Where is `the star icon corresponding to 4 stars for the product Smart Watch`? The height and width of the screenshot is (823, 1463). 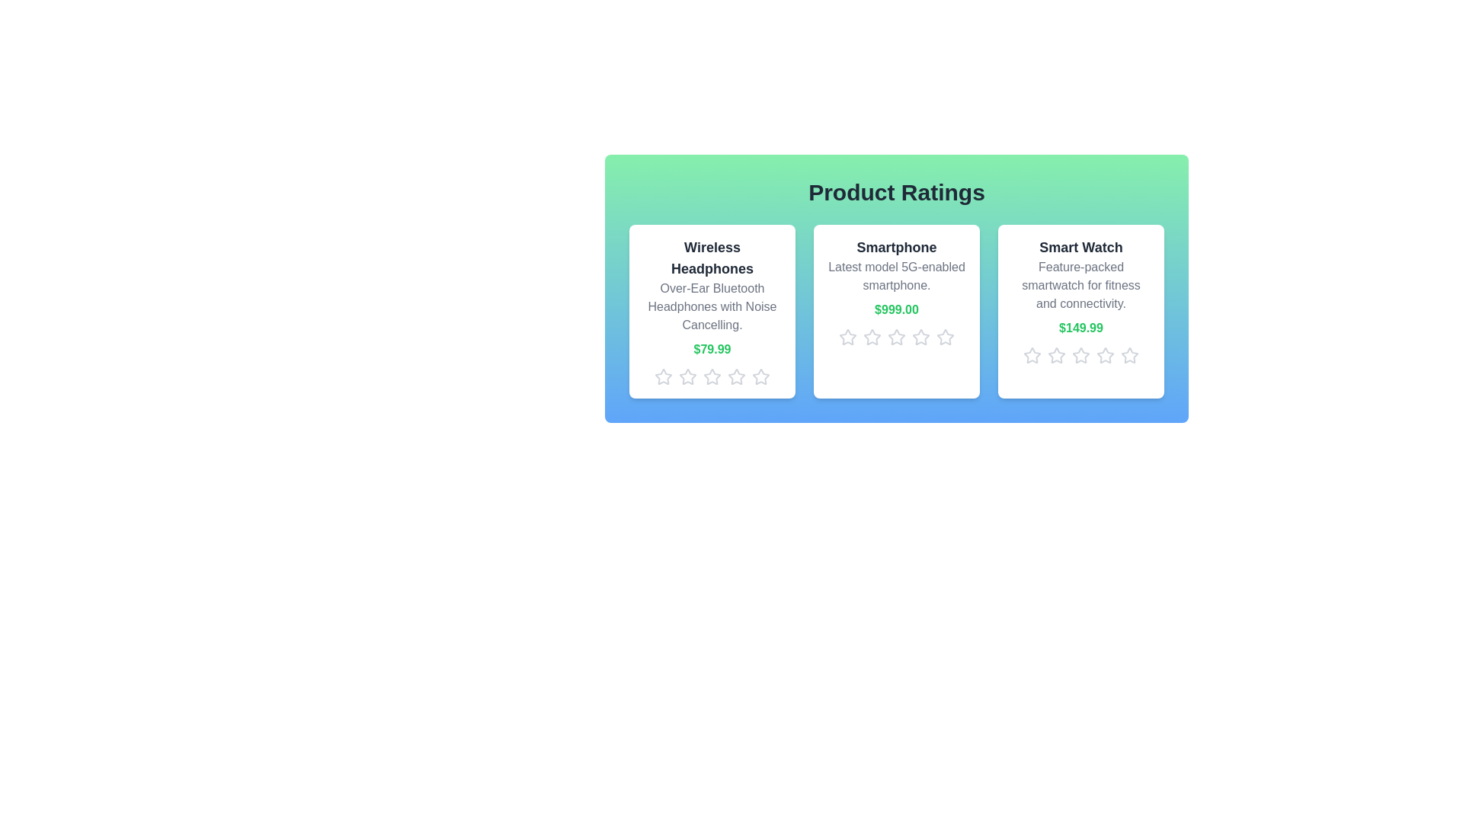
the star icon corresponding to 4 stars for the product Smart Watch is located at coordinates (1105, 355).